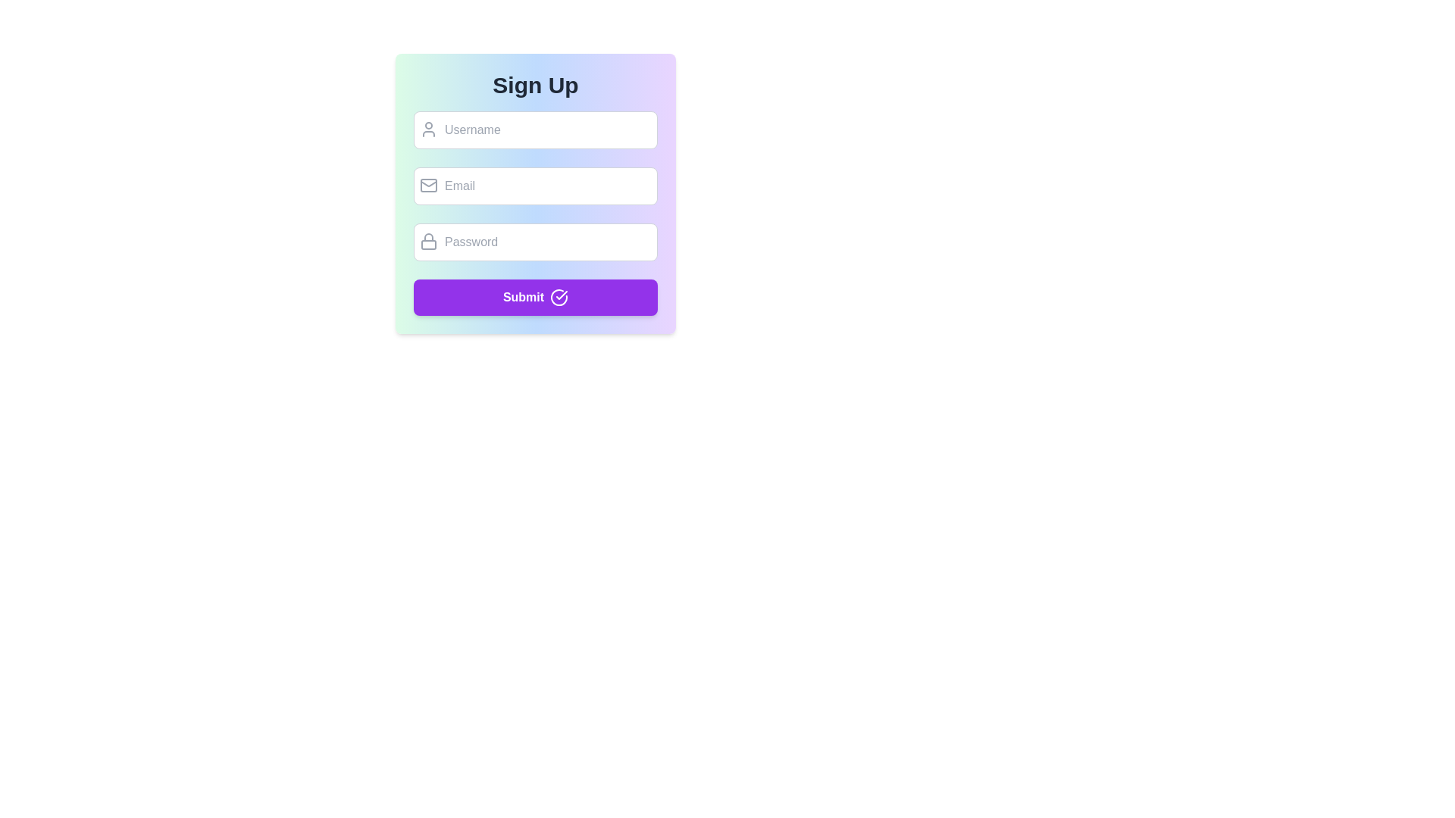 The height and width of the screenshot is (818, 1455). Describe the element at coordinates (535, 186) in the screenshot. I see `the Email input field in the Sign Up form to focus on it` at that location.